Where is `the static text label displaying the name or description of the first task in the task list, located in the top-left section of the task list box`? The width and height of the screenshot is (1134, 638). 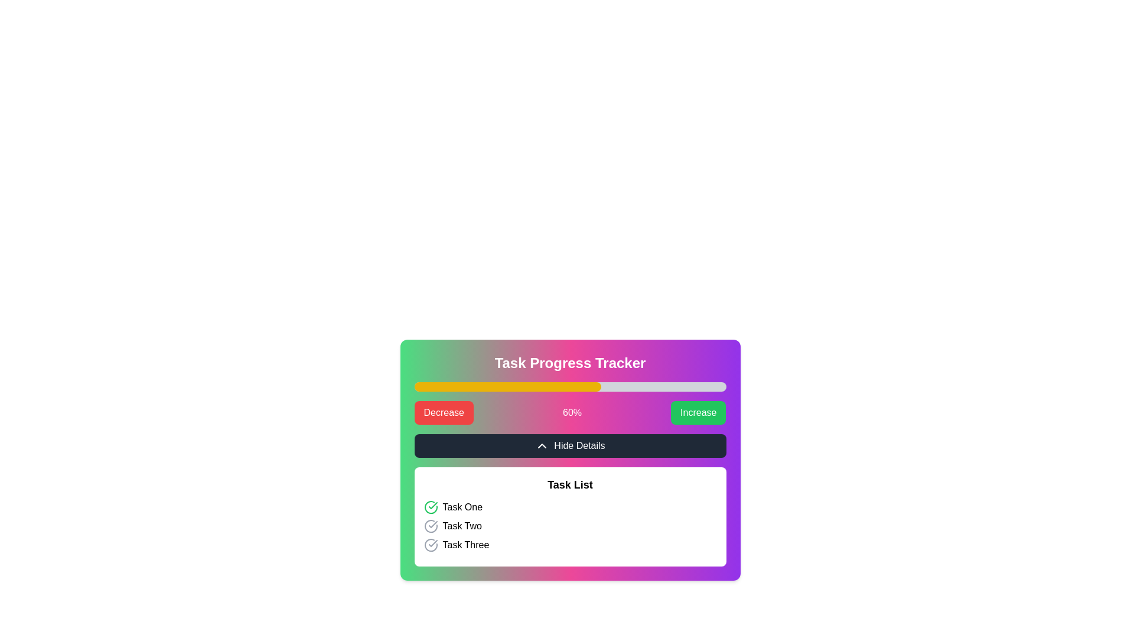 the static text label displaying the name or description of the first task in the task list, located in the top-left section of the task list box is located at coordinates (462, 507).